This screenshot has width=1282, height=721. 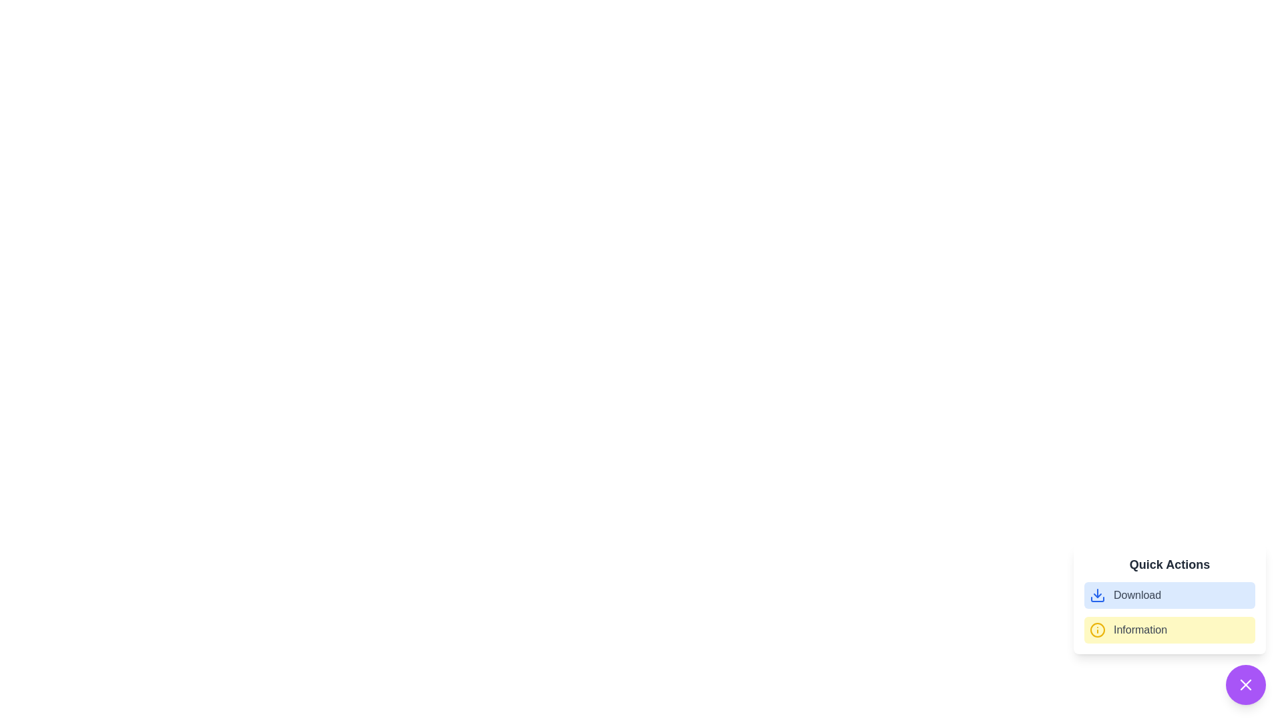 I want to click on the purple circular button that contains the SVG line element used, so click(x=1245, y=685).